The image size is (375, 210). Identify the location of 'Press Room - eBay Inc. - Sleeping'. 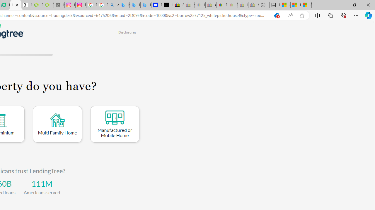
(243, 5).